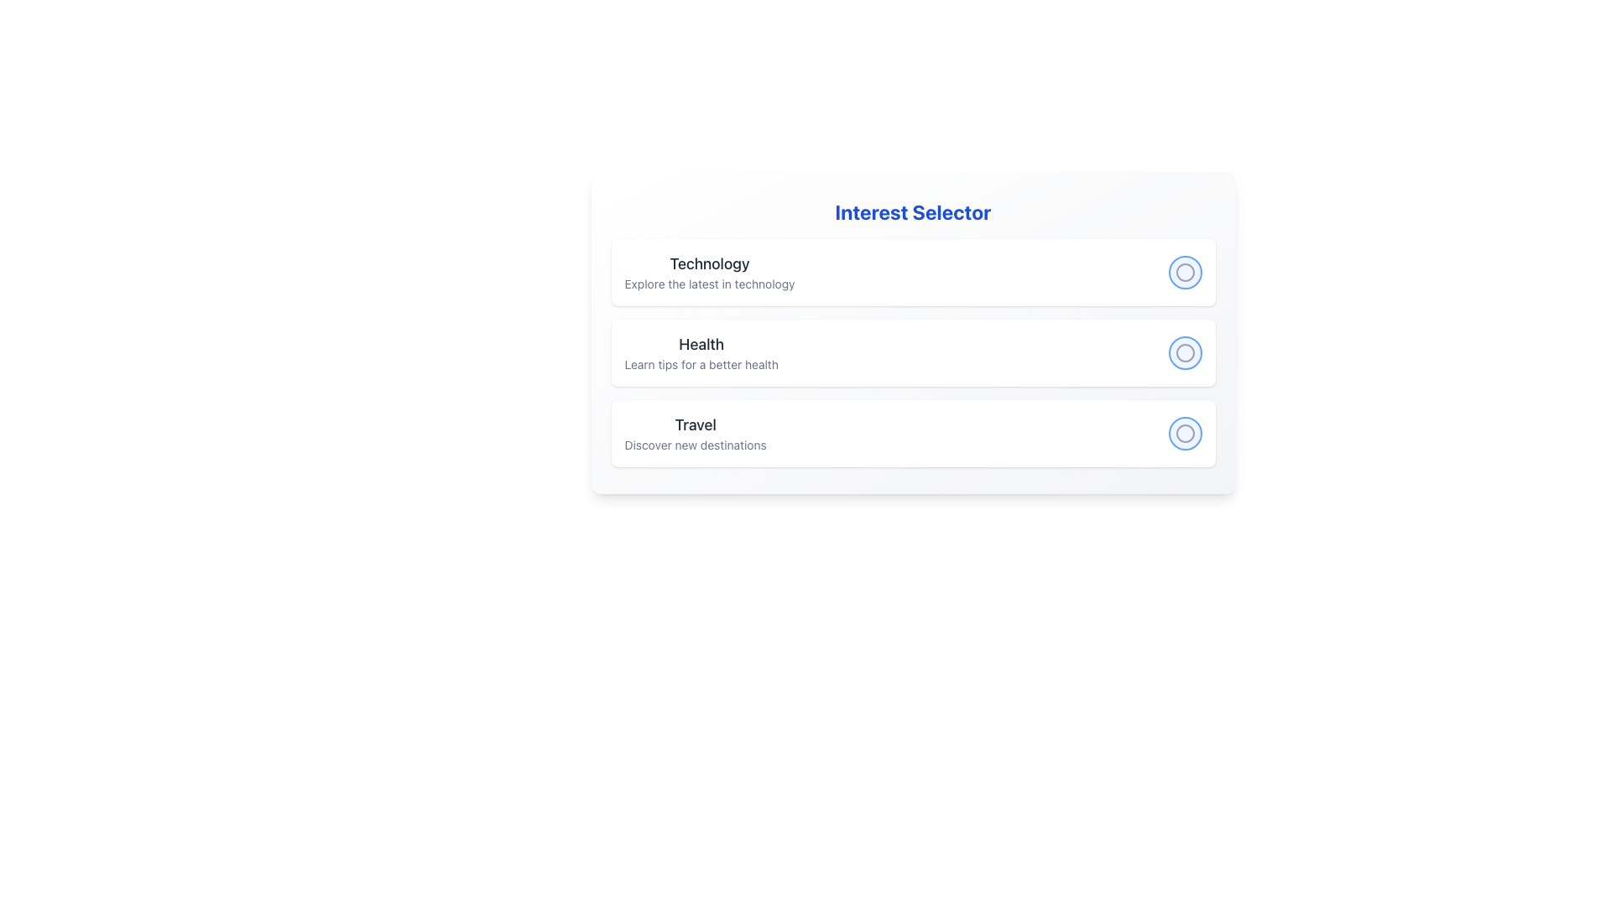 The image size is (1611, 906). What do you see at coordinates (1184, 271) in the screenshot?
I see `the central circular component of the first radio button in the 'Technology' options to select or deselect it` at bounding box center [1184, 271].